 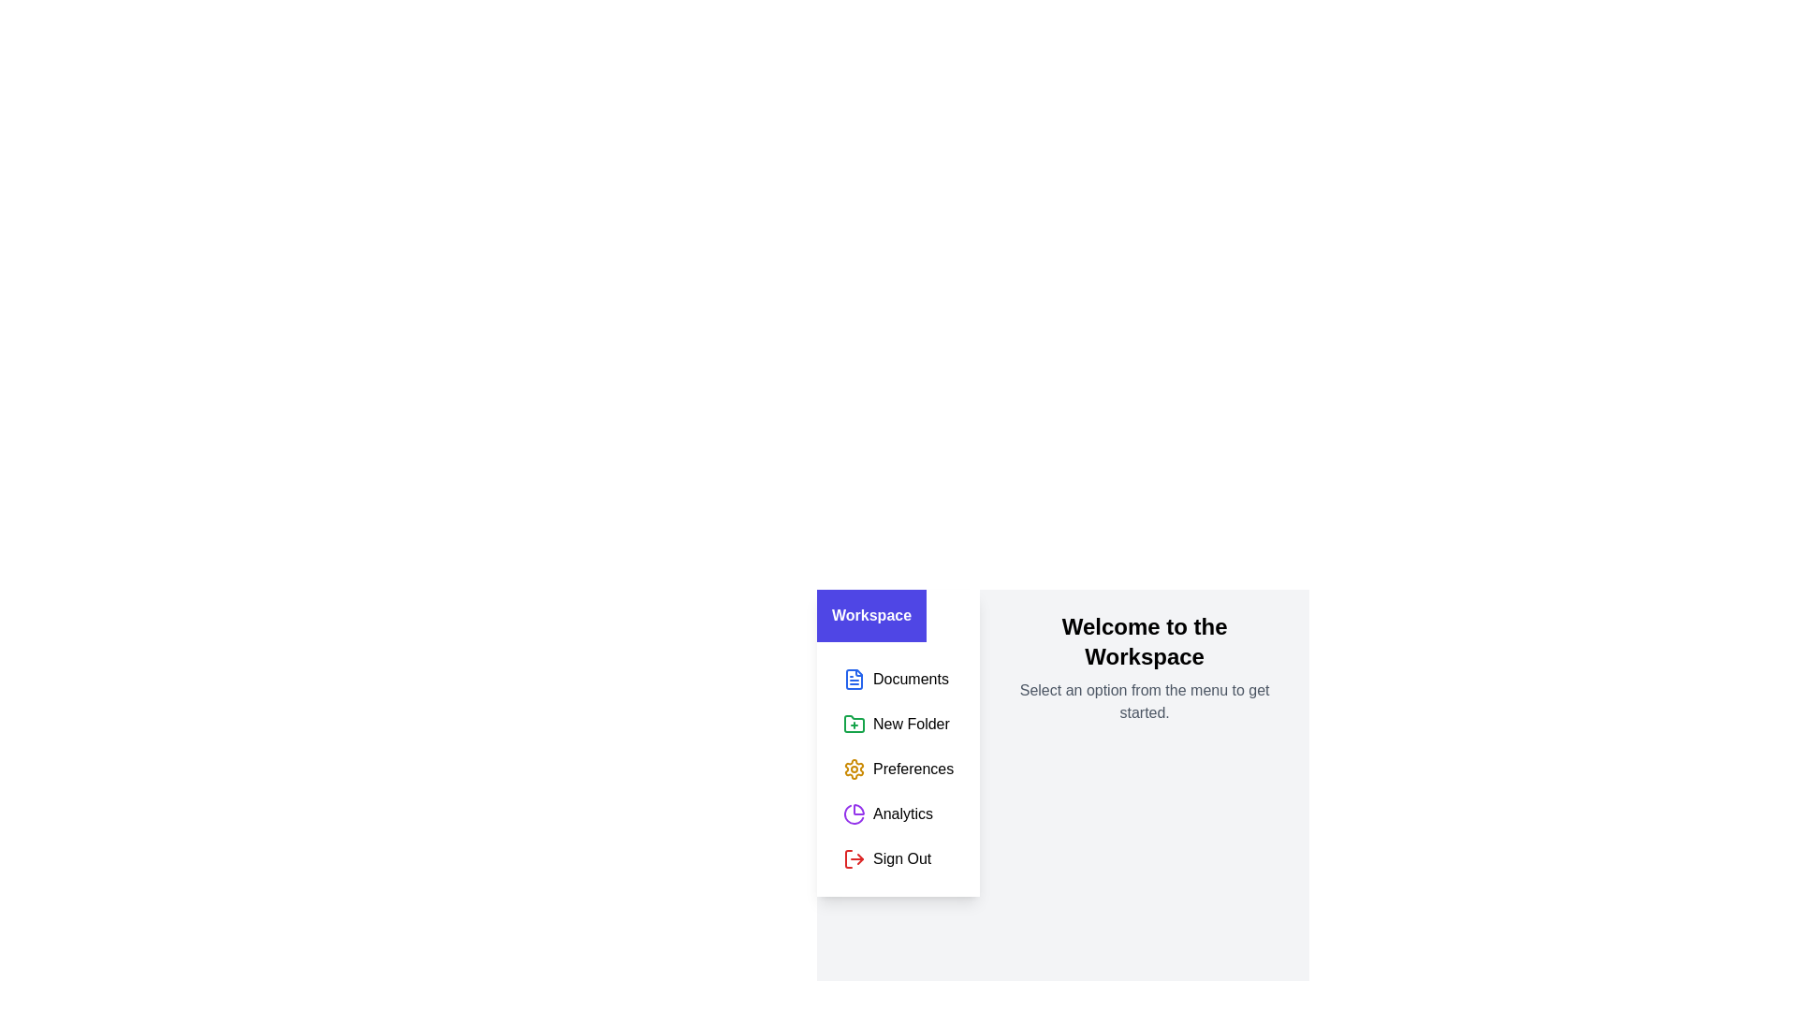 I want to click on the menu item corresponding to Analytics, so click(x=898, y=813).